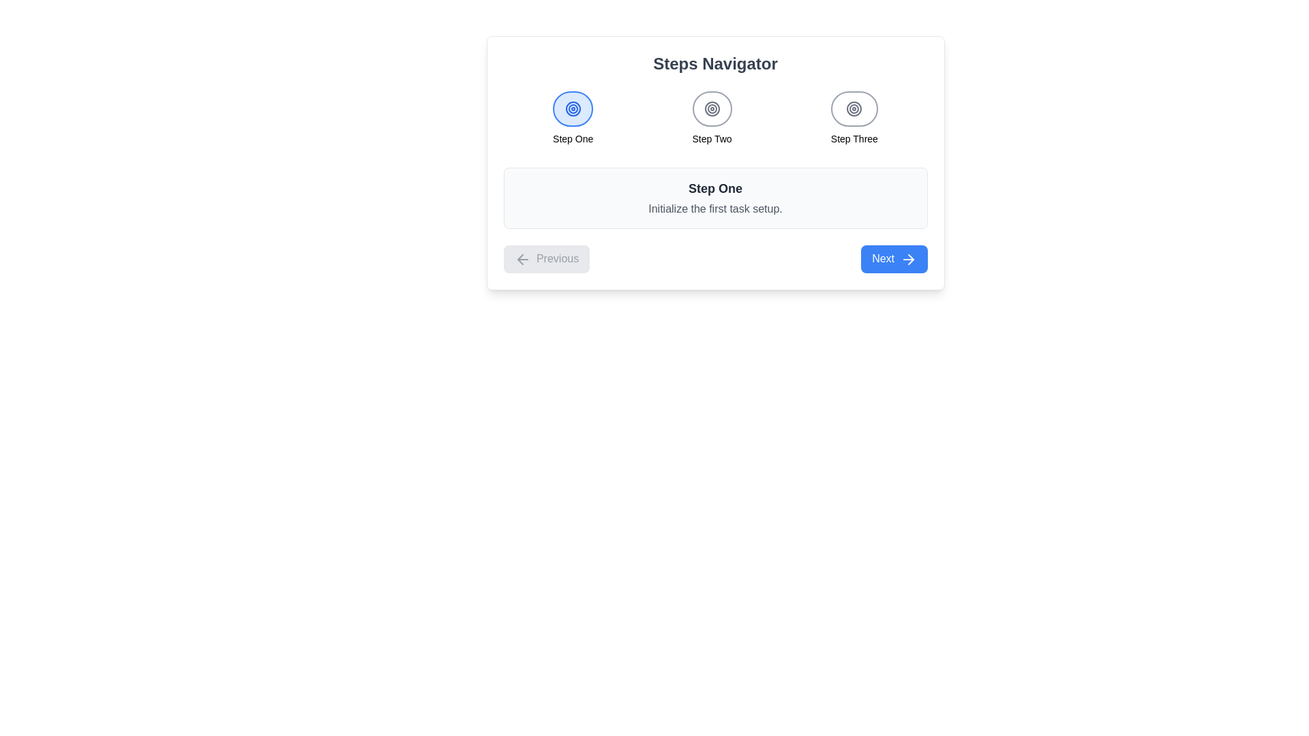 The height and width of the screenshot is (736, 1309). Describe the element at coordinates (714, 117) in the screenshot. I see `the second step indicator labeled 'Step Two' in the Group of Navigational Step Indicators` at that location.